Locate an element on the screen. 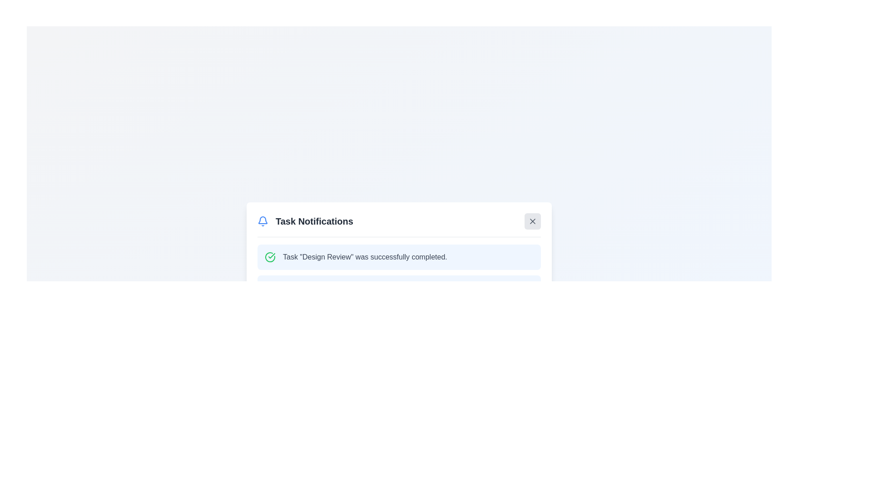 Image resolution: width=872 pixels, height=490 pixels. the close button located at the top-right corner of the 'Task Notifications' card is located at coordinates (532, 221).